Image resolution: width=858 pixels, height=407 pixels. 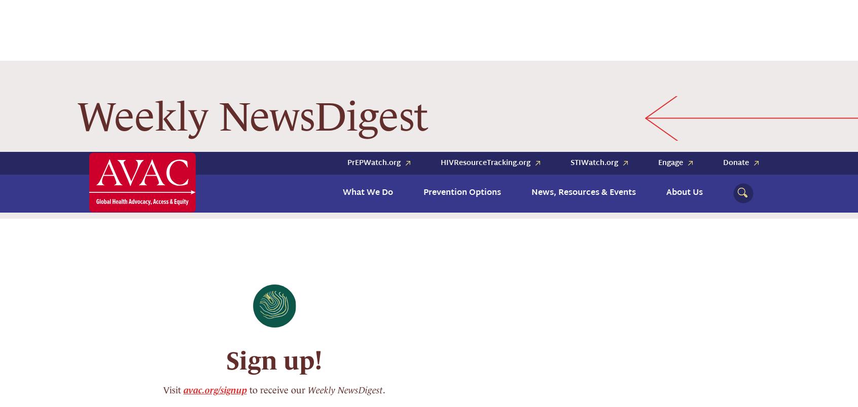 What do you see at coordinates (345, 208) in the screenshot?
I see `'Weekly NewsDigest'` at bounding box center [345, 208].